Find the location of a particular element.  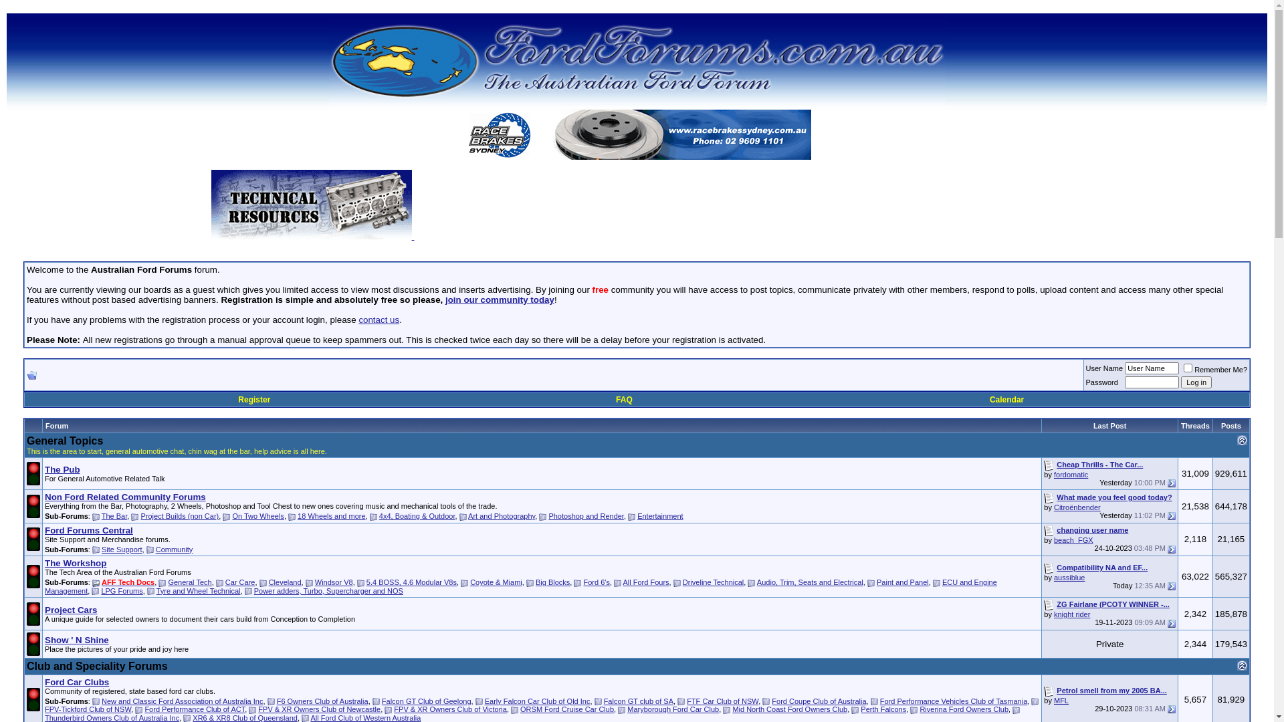

'Maryborough Ford Car Club' is located at coordinates (673, 708).